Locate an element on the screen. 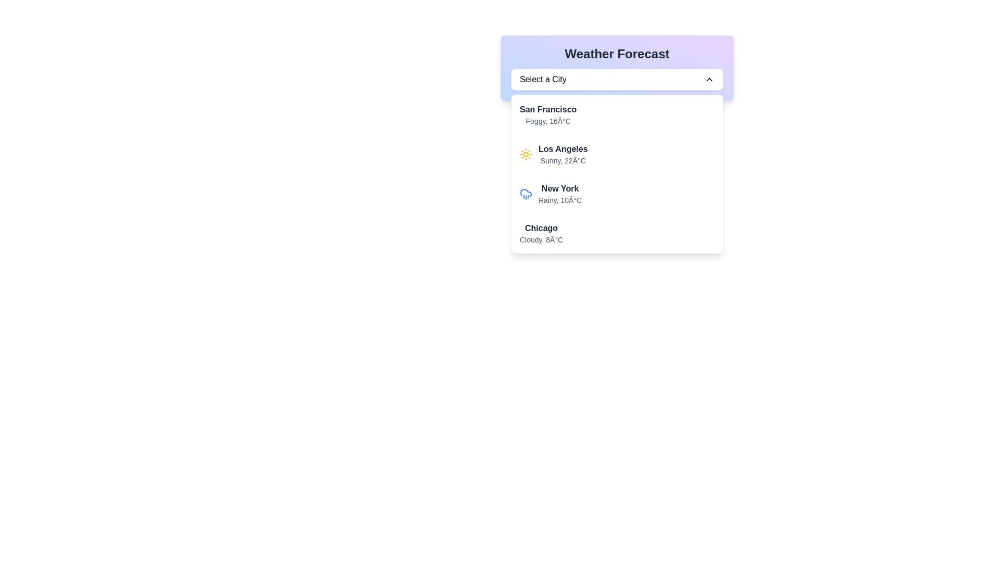 This screenshot has width=1000, height=562. the informational text label displaying the current weather conditions of Los Angeles, which is positioned beneath the 'Los Angeles' label and aligns to the right side of the icon next to the city name is located at coordinates (562, 160).